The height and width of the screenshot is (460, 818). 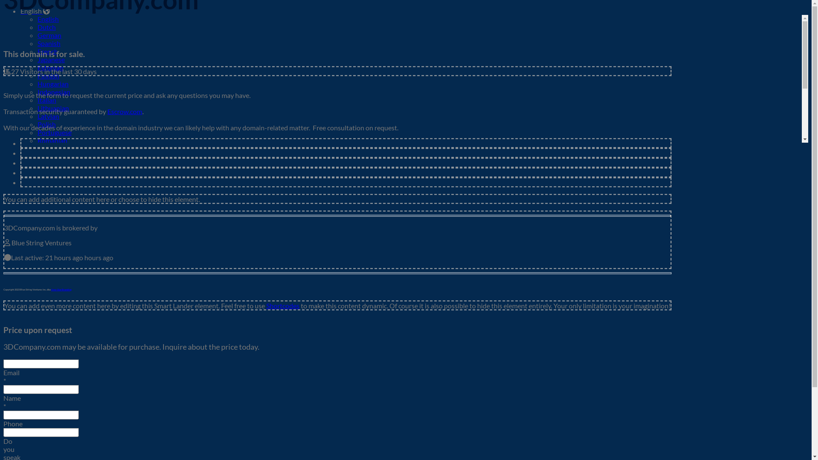 I want to click on 'Swedish', so click(x=49, y=172).